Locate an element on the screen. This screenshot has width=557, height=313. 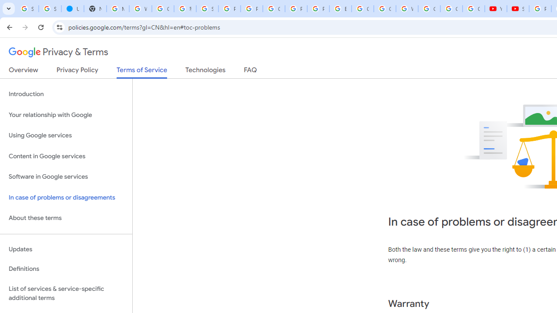
'Technologies' is located at coordinates (205, 71).